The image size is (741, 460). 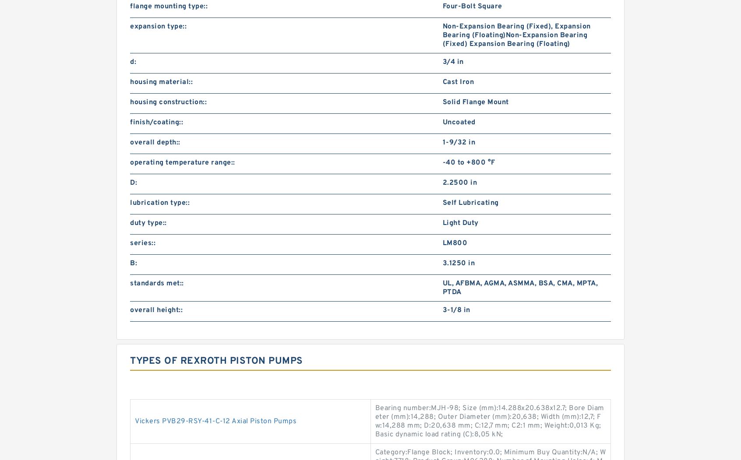 I want to click on 'd:', so click(x=133, y=61).